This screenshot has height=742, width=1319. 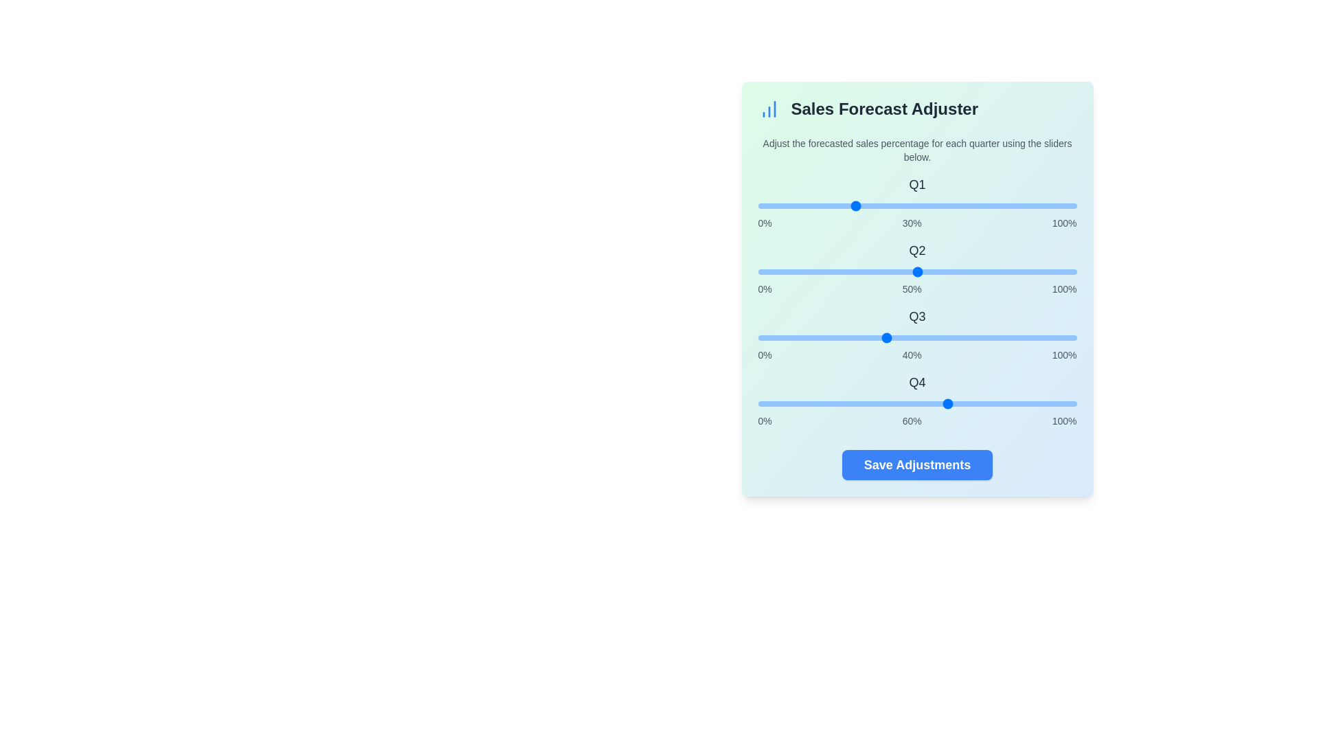 I want to click on the slider for Q2 to 84%, so click(x=1026, y=272).